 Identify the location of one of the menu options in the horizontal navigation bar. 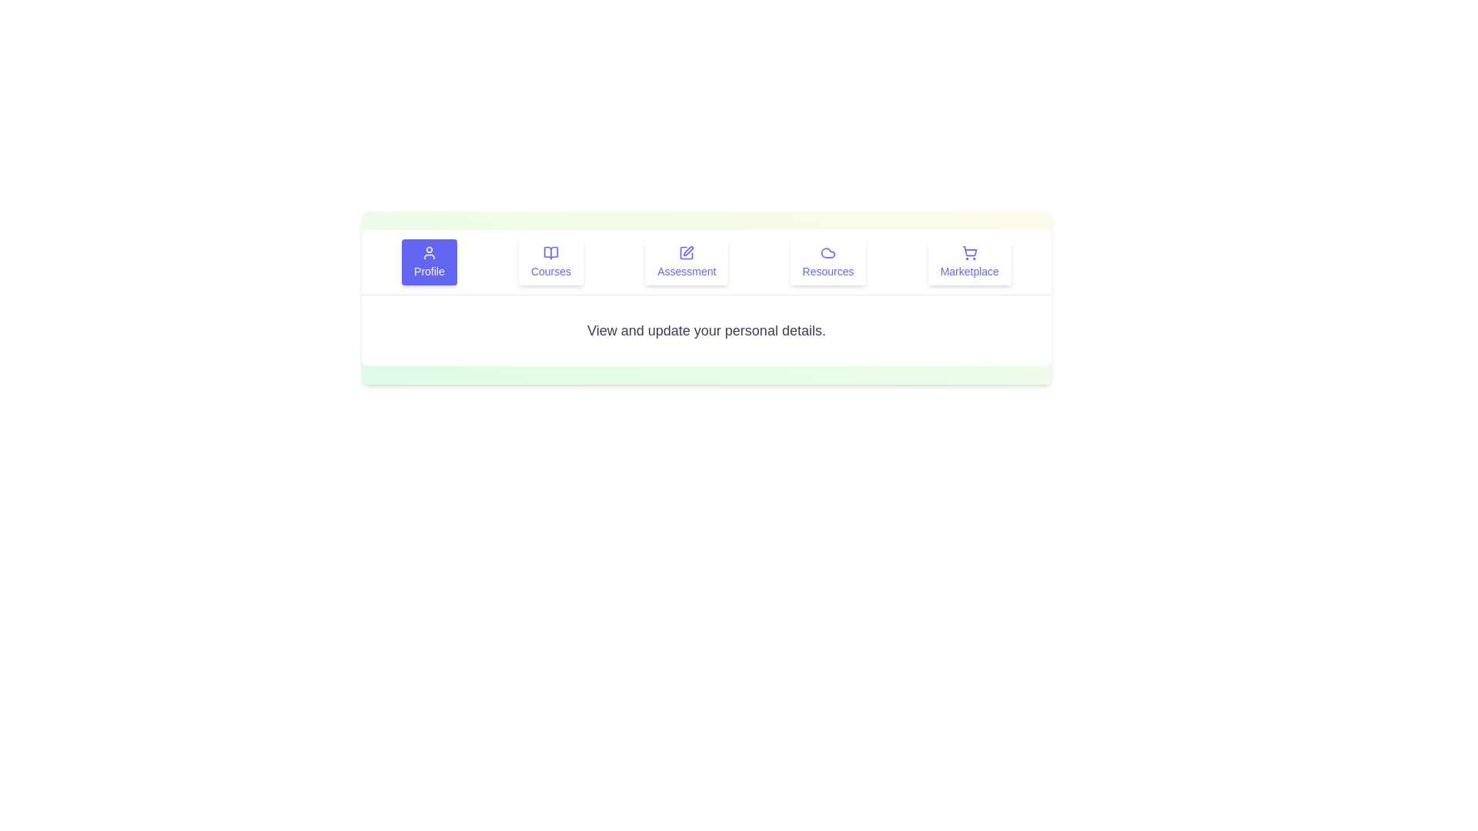
(705, 261).